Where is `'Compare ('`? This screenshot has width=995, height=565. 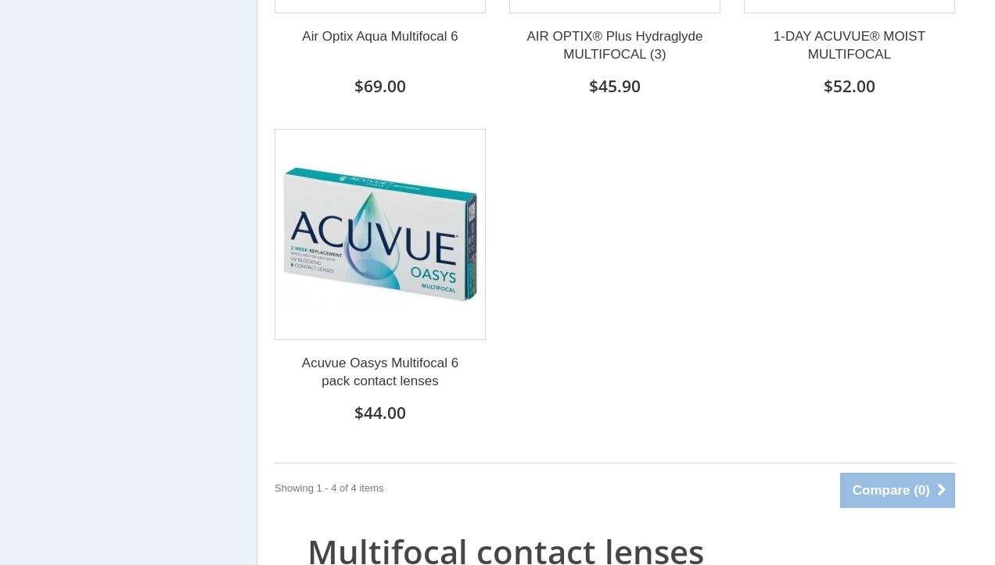
'Compare (' is located at coordinates (885, 489).